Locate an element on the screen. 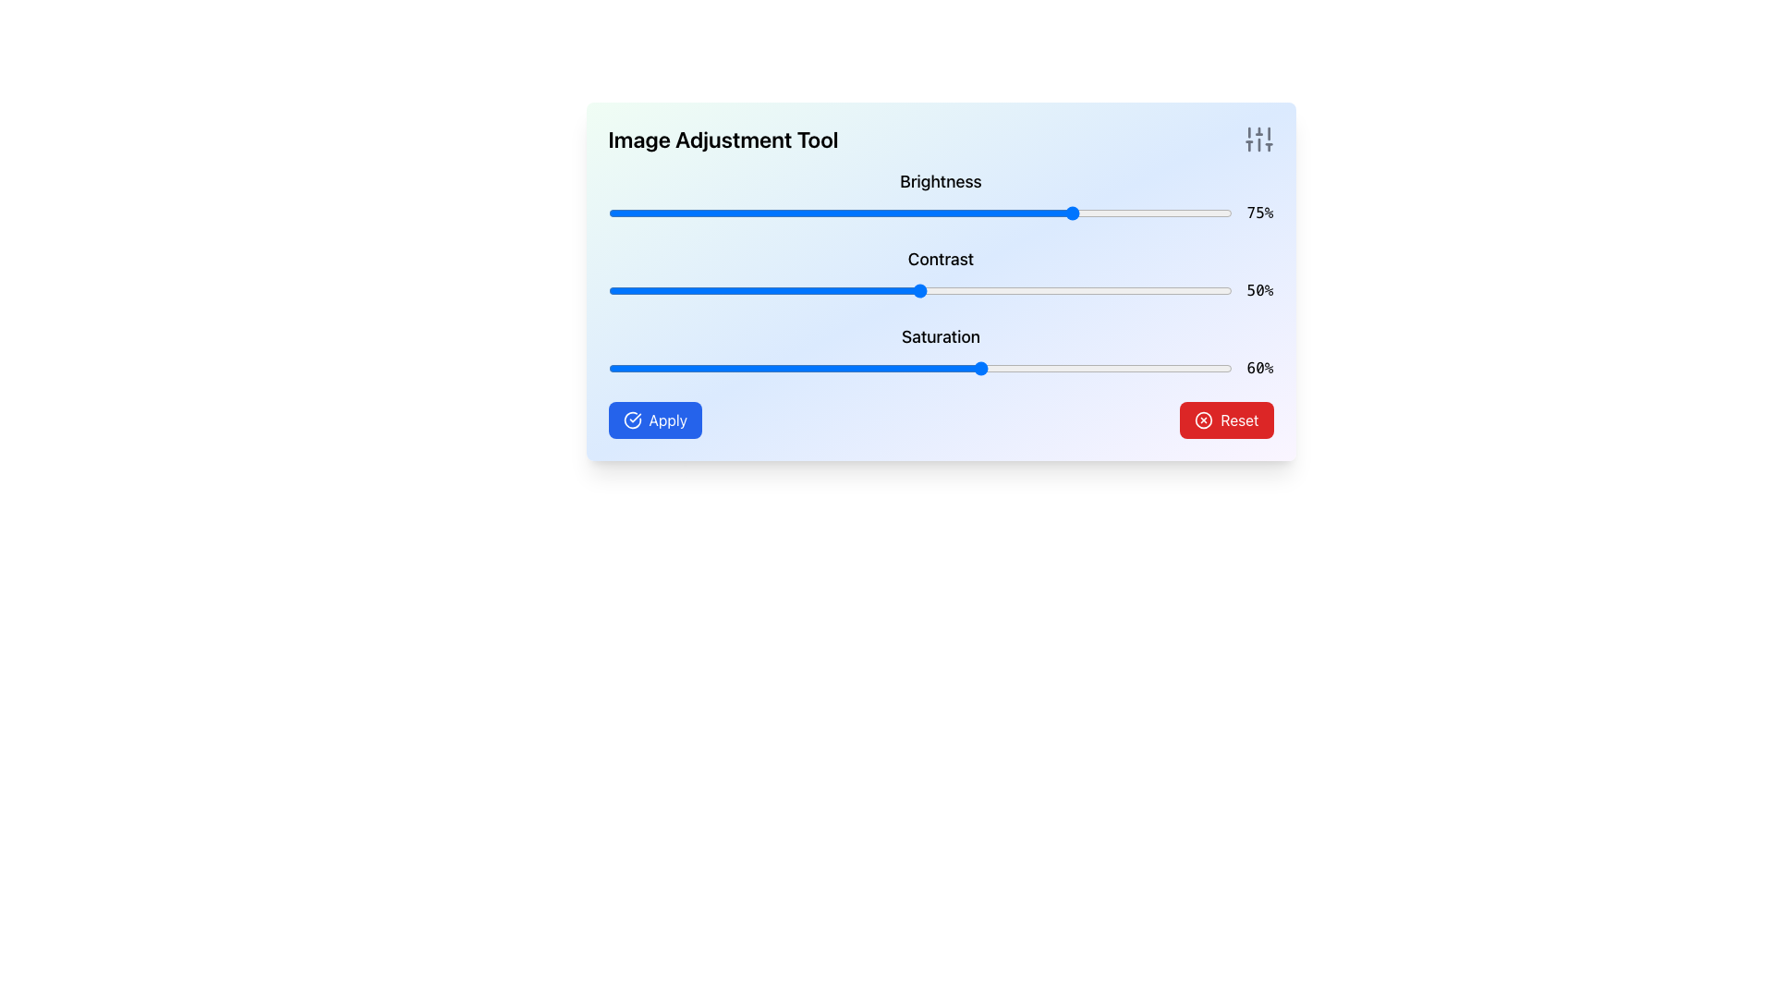 The image size is (1774, 998). brightness is located at coordinates (914, 213).